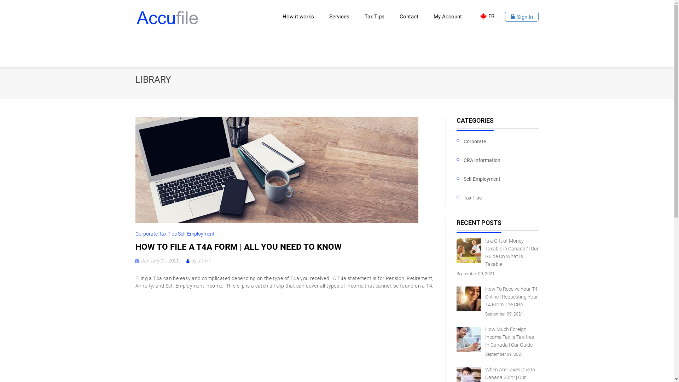 This screenshot has height=382, width=679. Describe the element at coordinates (146, 233) in the screenshot. I see `'Corporate'` at that location.